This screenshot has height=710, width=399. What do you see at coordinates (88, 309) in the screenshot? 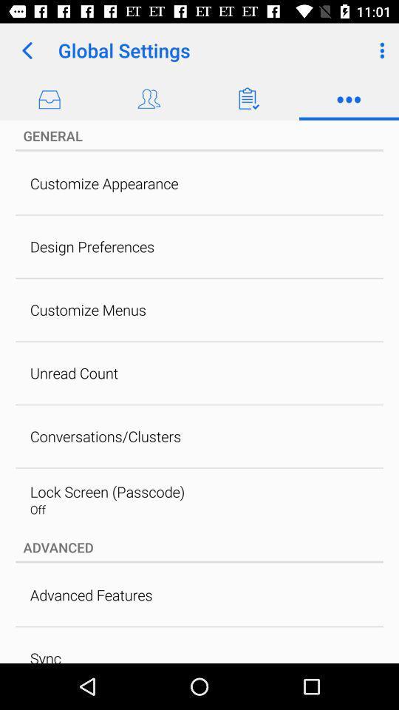
I see `customize menus app` at bounding box center [88, 309].